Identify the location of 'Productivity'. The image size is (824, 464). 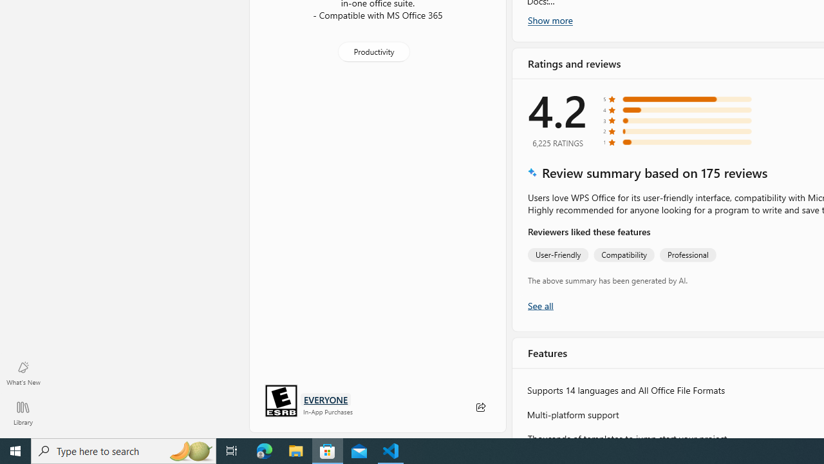
(372, 50).